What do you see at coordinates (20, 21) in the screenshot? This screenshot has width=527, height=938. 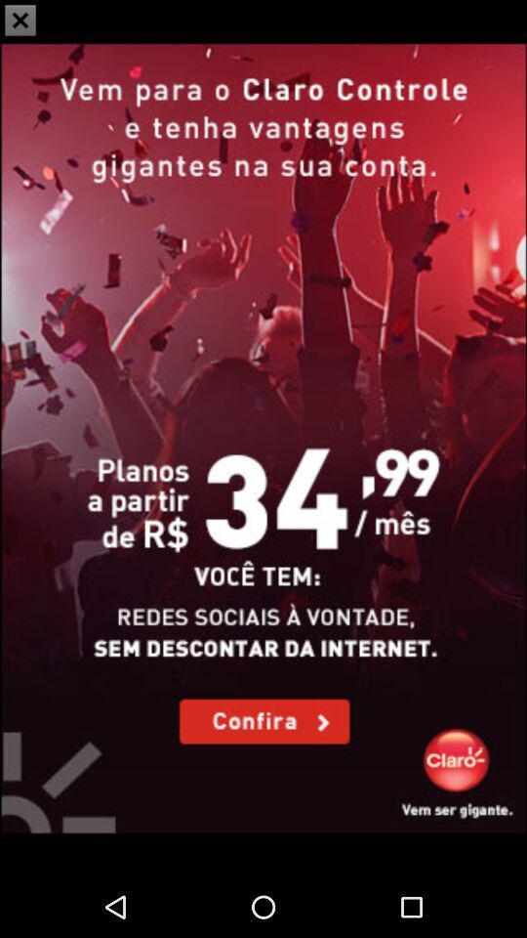 I see `the close icon` at bounding box center [20, 21].